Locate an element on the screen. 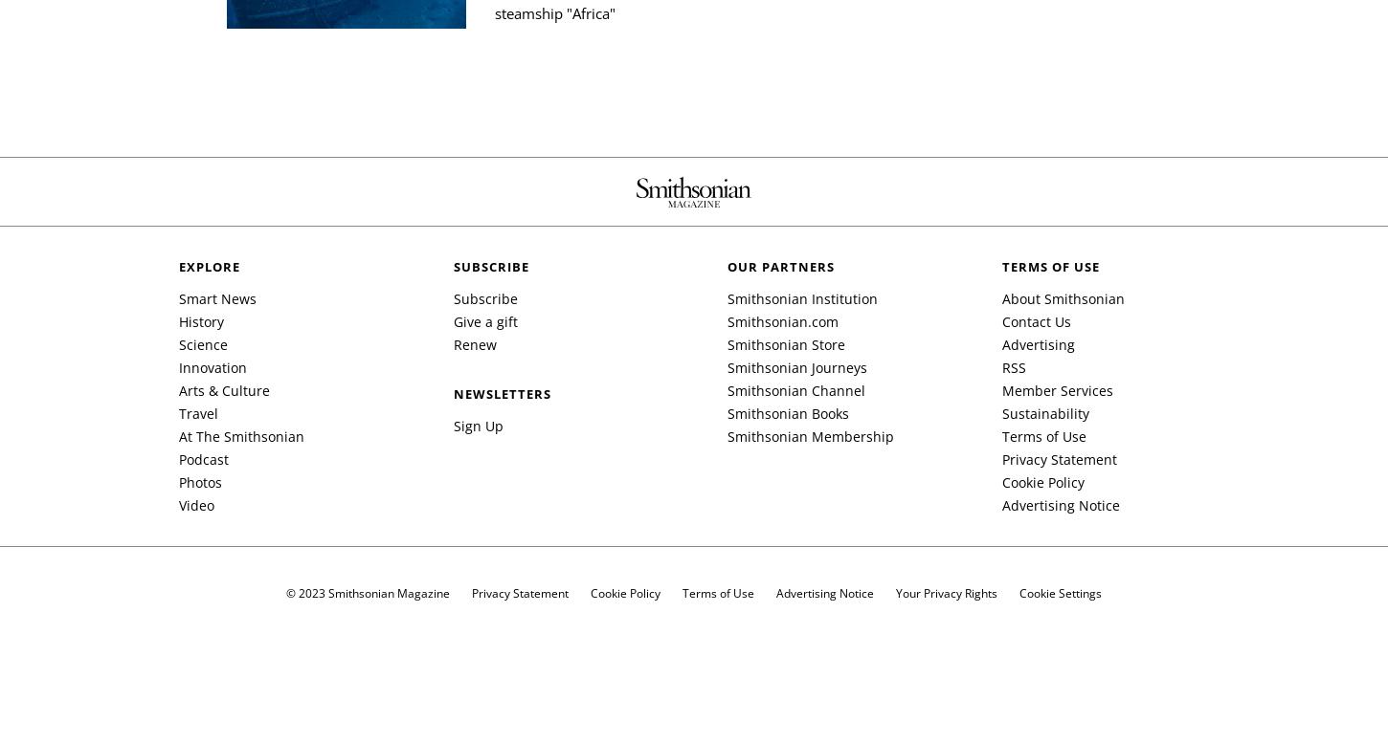  'Sign Up' is located at coordinates (451, 425).